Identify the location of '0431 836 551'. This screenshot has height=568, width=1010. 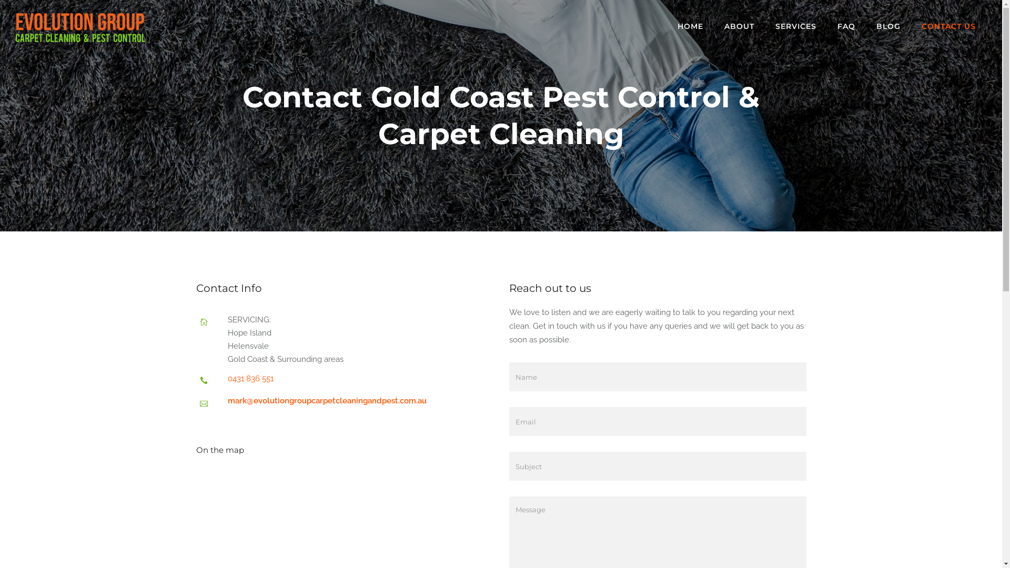
(249, 379).